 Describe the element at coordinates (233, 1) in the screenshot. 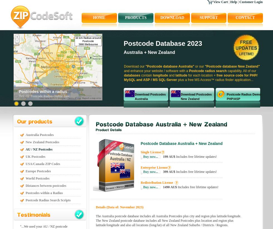

I see `'Help'` at that location.